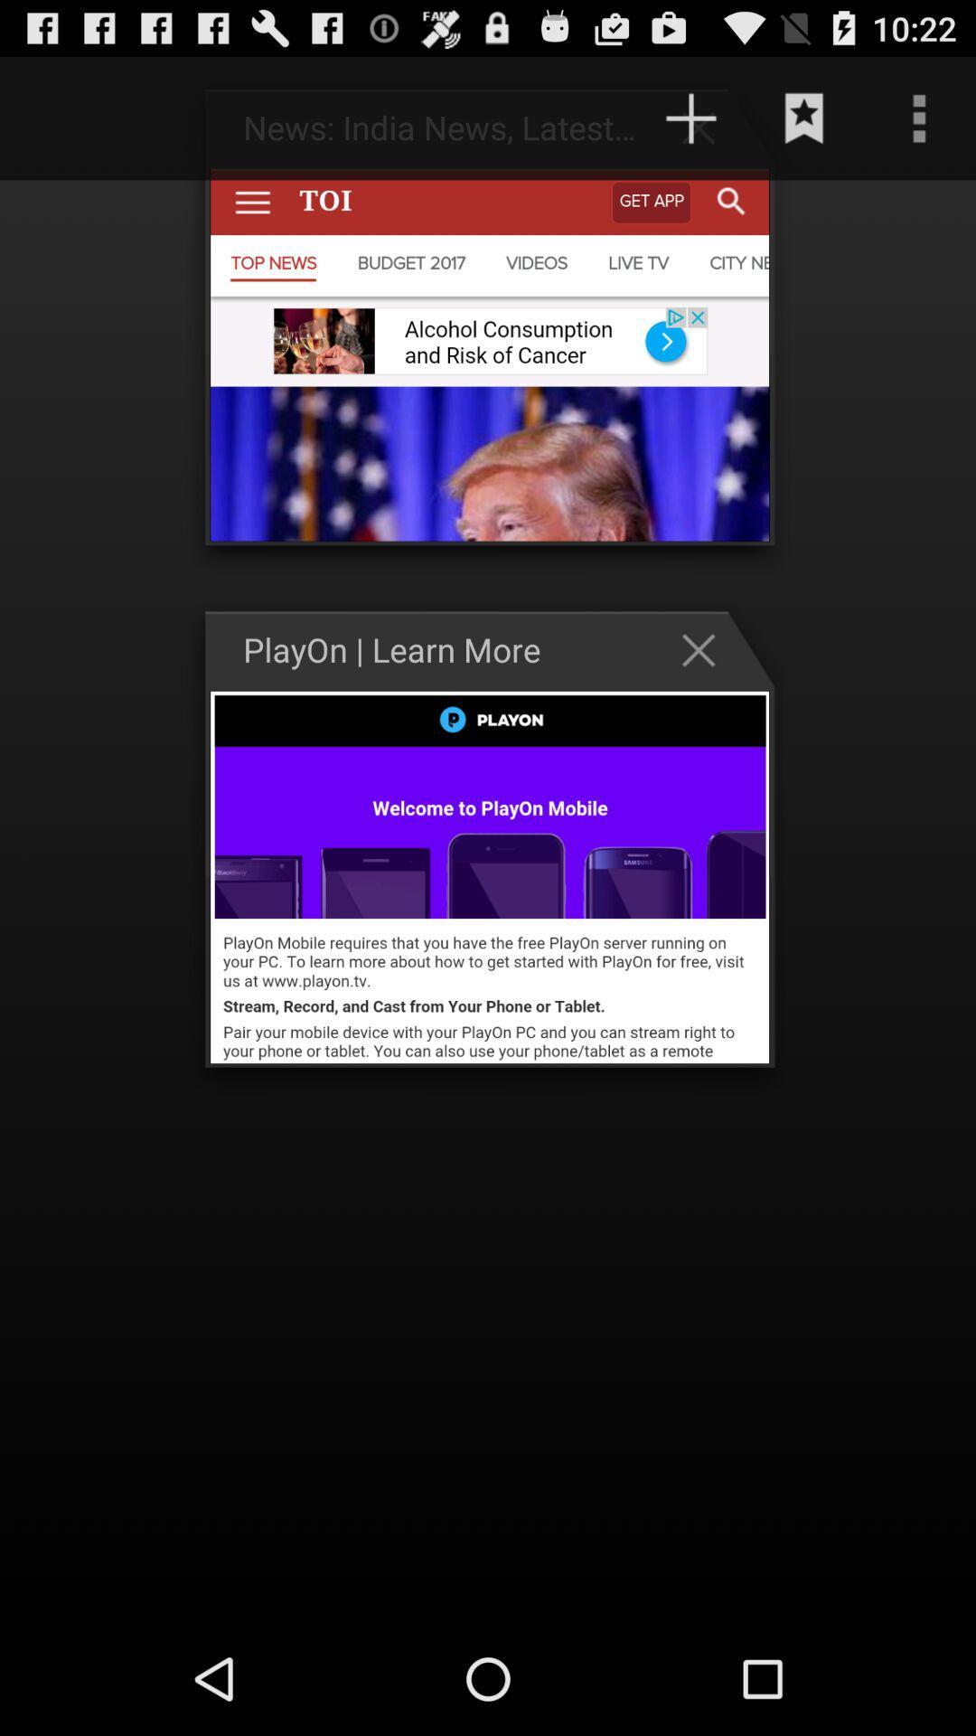 Image resolution: width=976 pixels, height=1736 pixels. What do you see at coordinates (73, 118) in the screenshot?
I see `icon to the left of the http www playon` at bounding box center [73, 118].